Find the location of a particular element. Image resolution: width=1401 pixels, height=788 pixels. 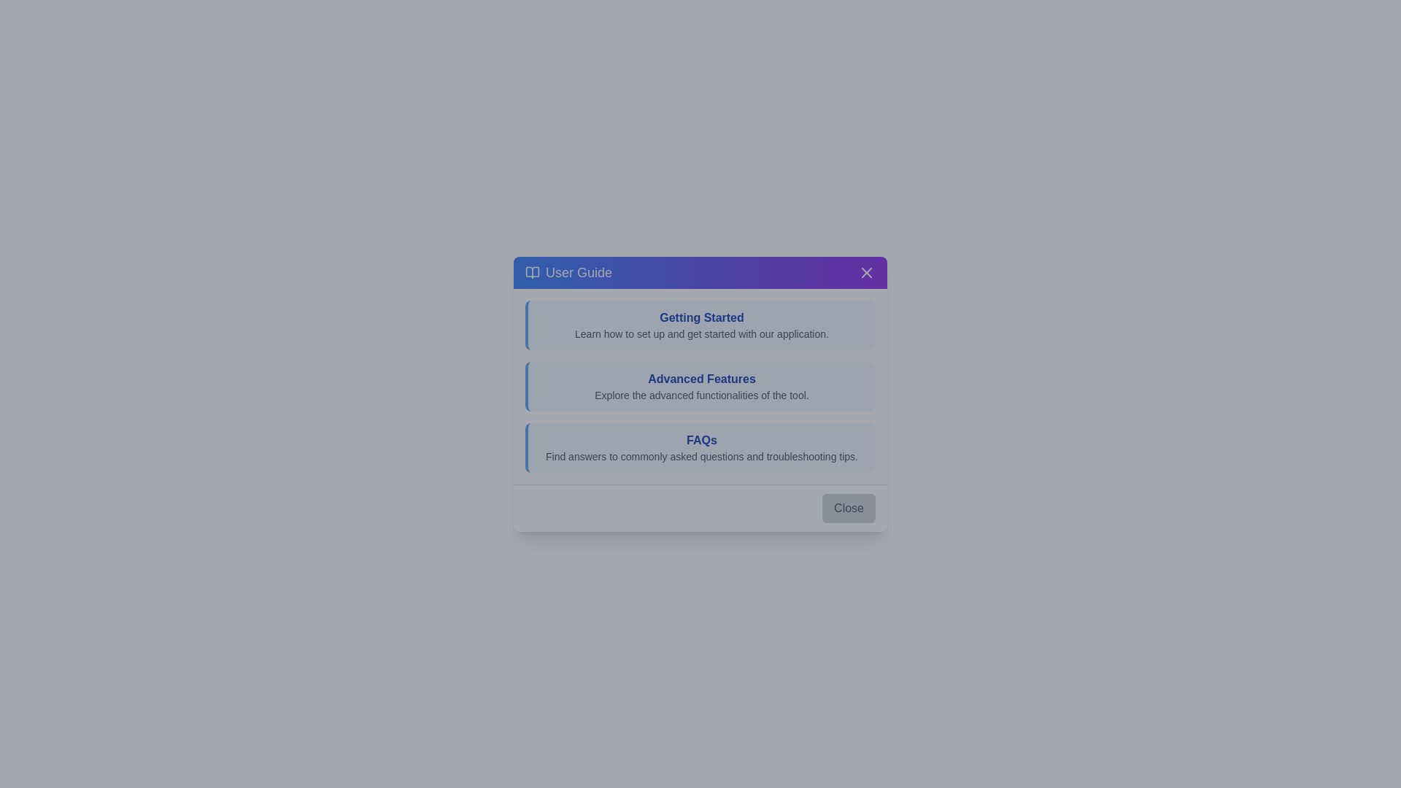

the close button located on the far right of the title bar of the 'User Guide' dialog box is located at coordinates (867, 272).